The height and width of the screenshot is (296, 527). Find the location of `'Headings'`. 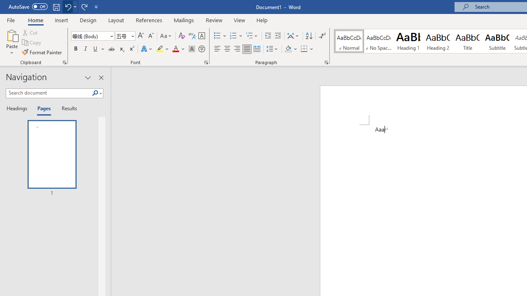

'Headings' is located at coordinates (19, 109).